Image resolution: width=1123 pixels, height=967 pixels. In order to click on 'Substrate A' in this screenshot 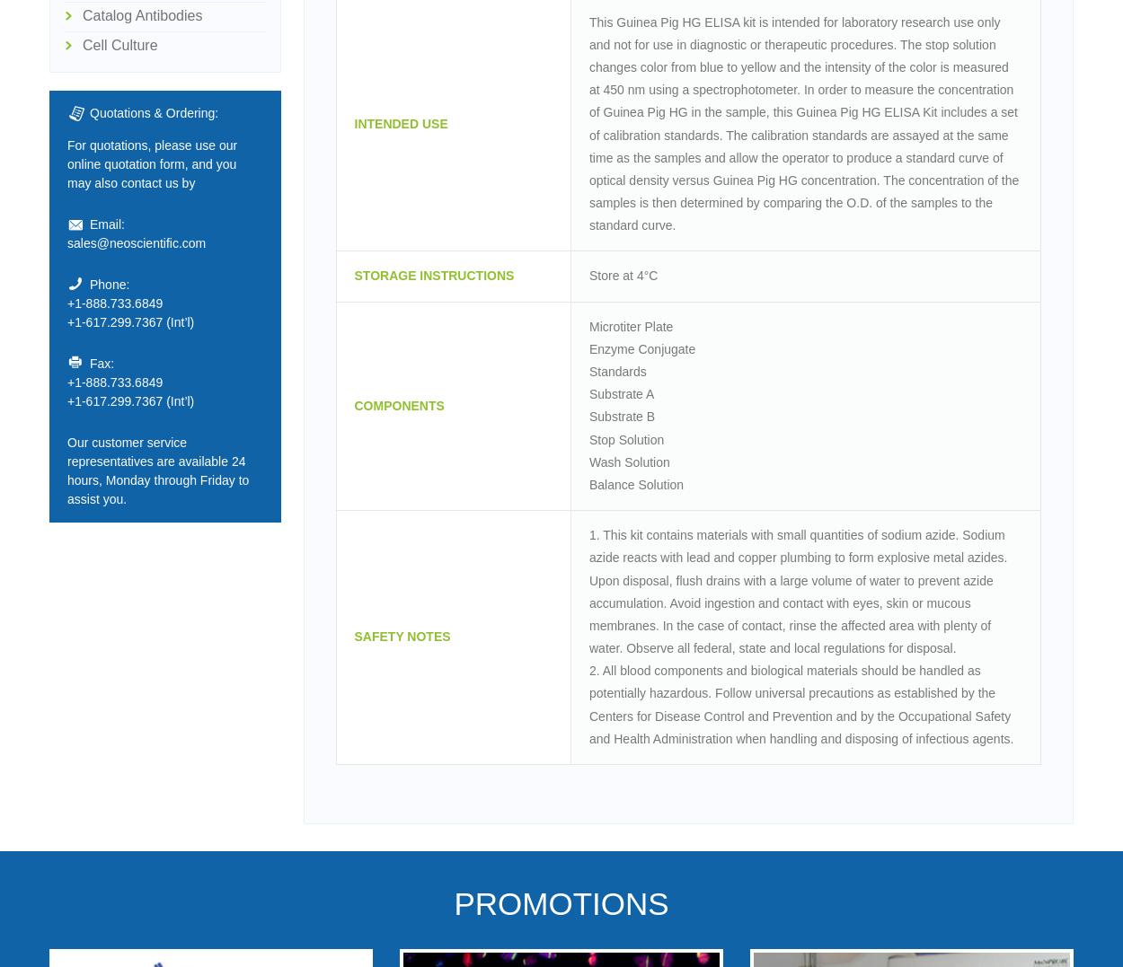, I will do `click(620, 392)`.